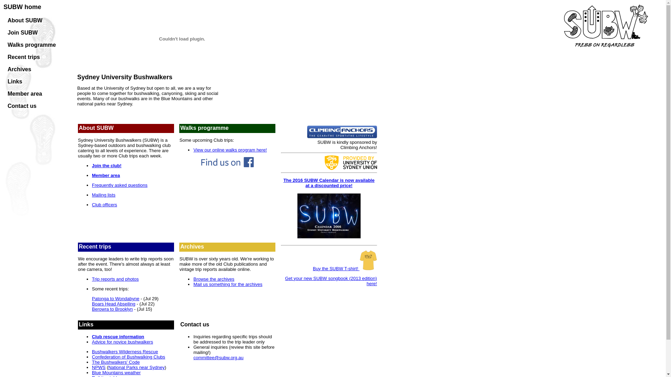  I want to click on 'Mail us something for the archives', so click(228, 284).